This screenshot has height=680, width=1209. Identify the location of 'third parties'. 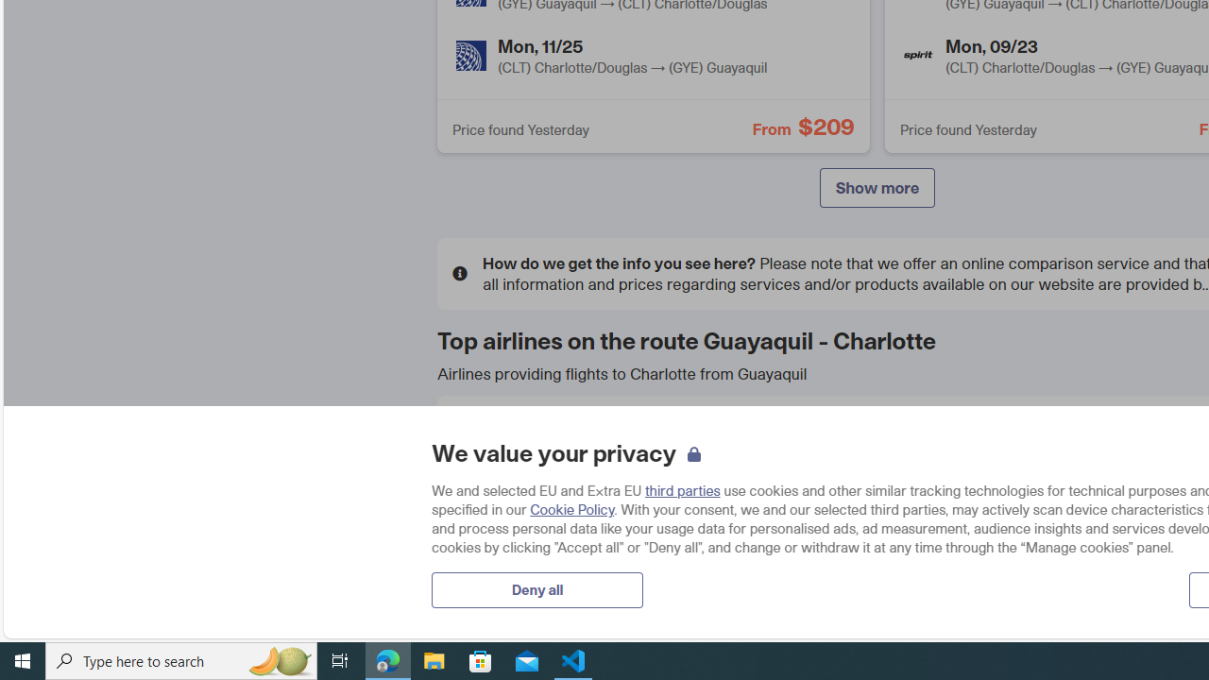
(681, 489).